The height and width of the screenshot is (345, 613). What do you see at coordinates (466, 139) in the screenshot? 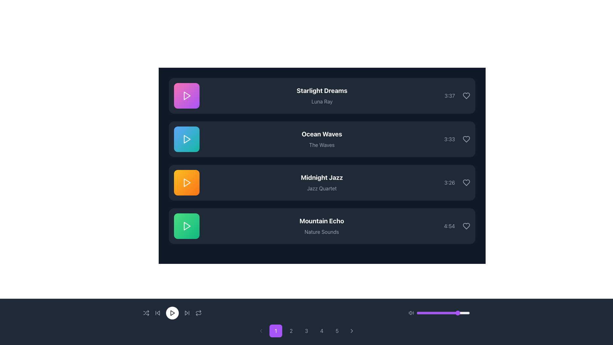
I see `the heart-shaped icon button outlined in light gray, located to the right of the 'Ocean Waves' track title and its duration '3:33', to observe styling changes` at bounding box center [466, 139].